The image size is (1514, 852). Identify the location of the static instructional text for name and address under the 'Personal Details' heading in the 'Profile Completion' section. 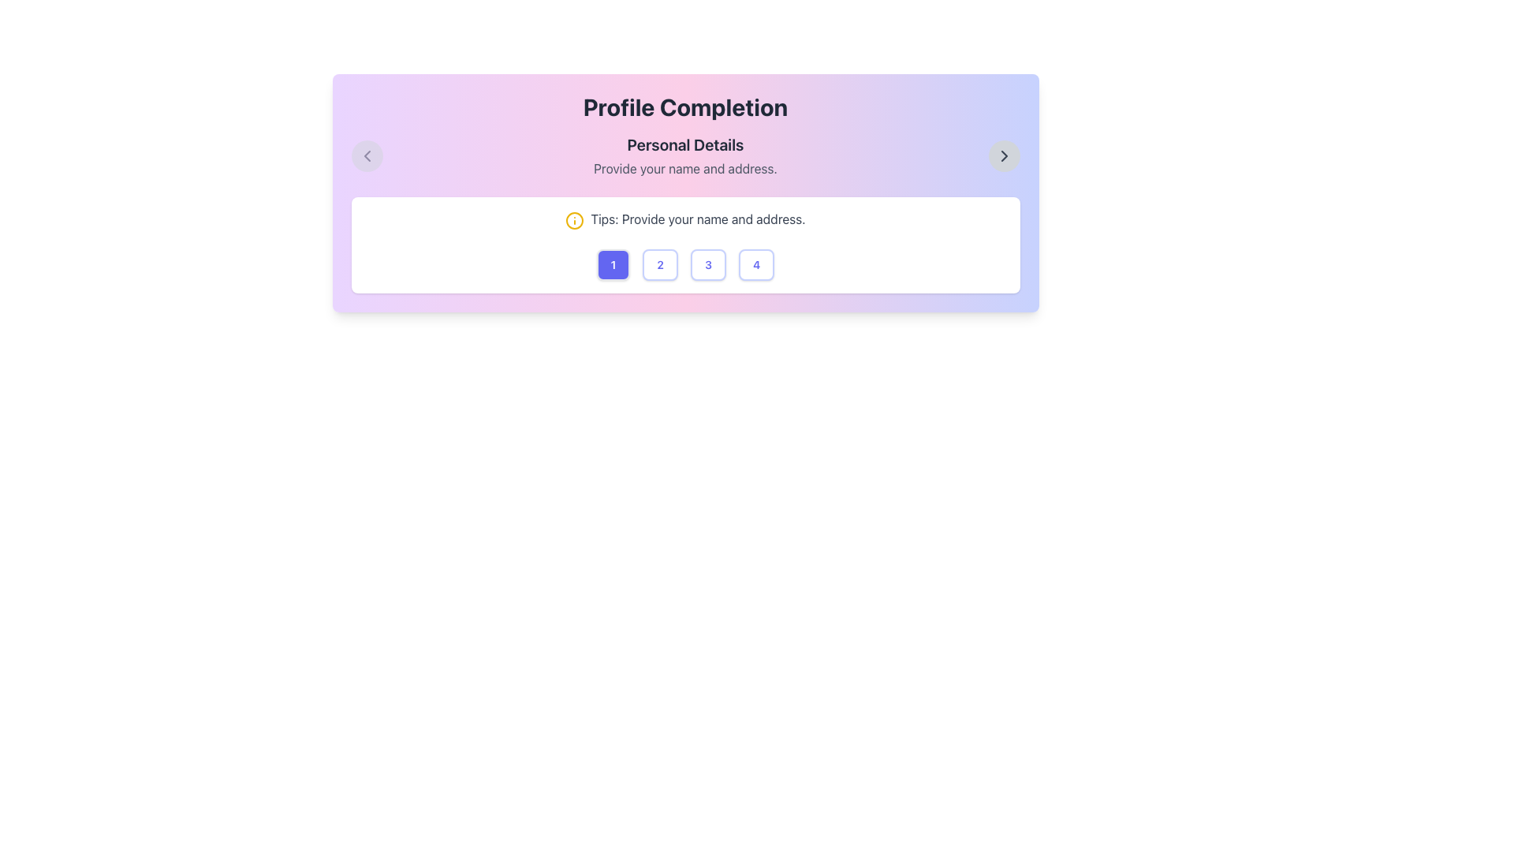
(685, 168).